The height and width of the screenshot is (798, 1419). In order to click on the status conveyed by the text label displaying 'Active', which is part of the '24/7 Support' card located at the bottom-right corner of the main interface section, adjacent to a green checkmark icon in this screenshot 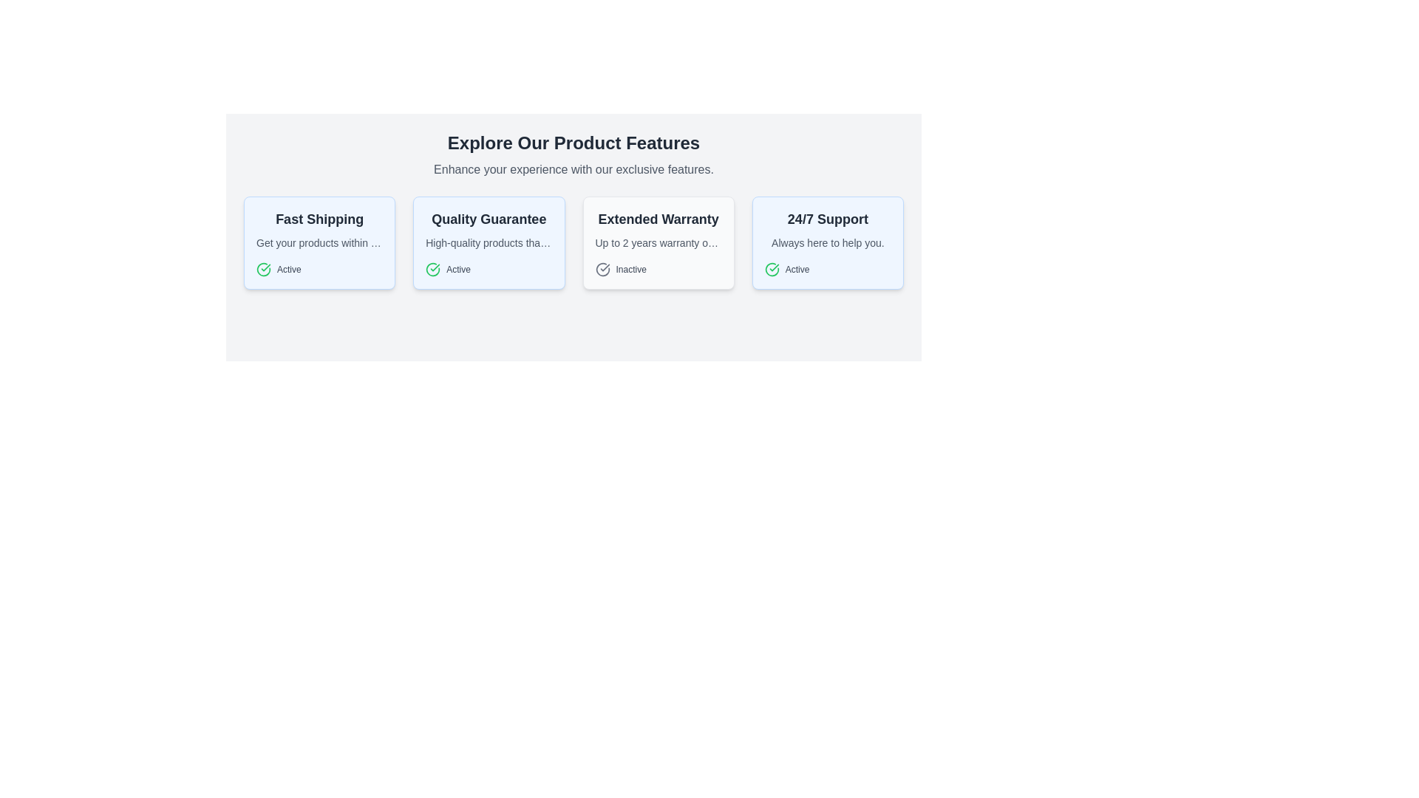, I will do `click(457, 270)`.